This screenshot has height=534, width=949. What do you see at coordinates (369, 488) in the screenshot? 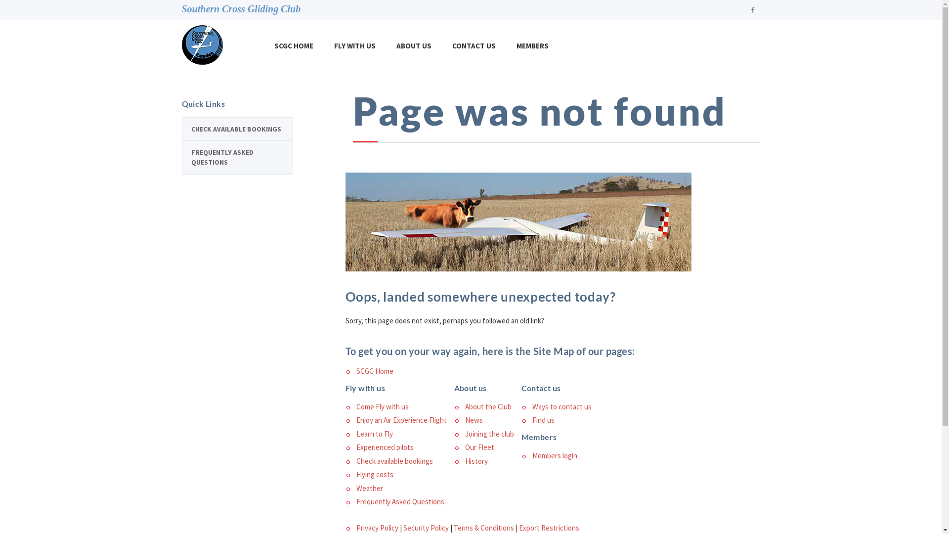
I see `'Weather'` at bounding box center [369, 488].